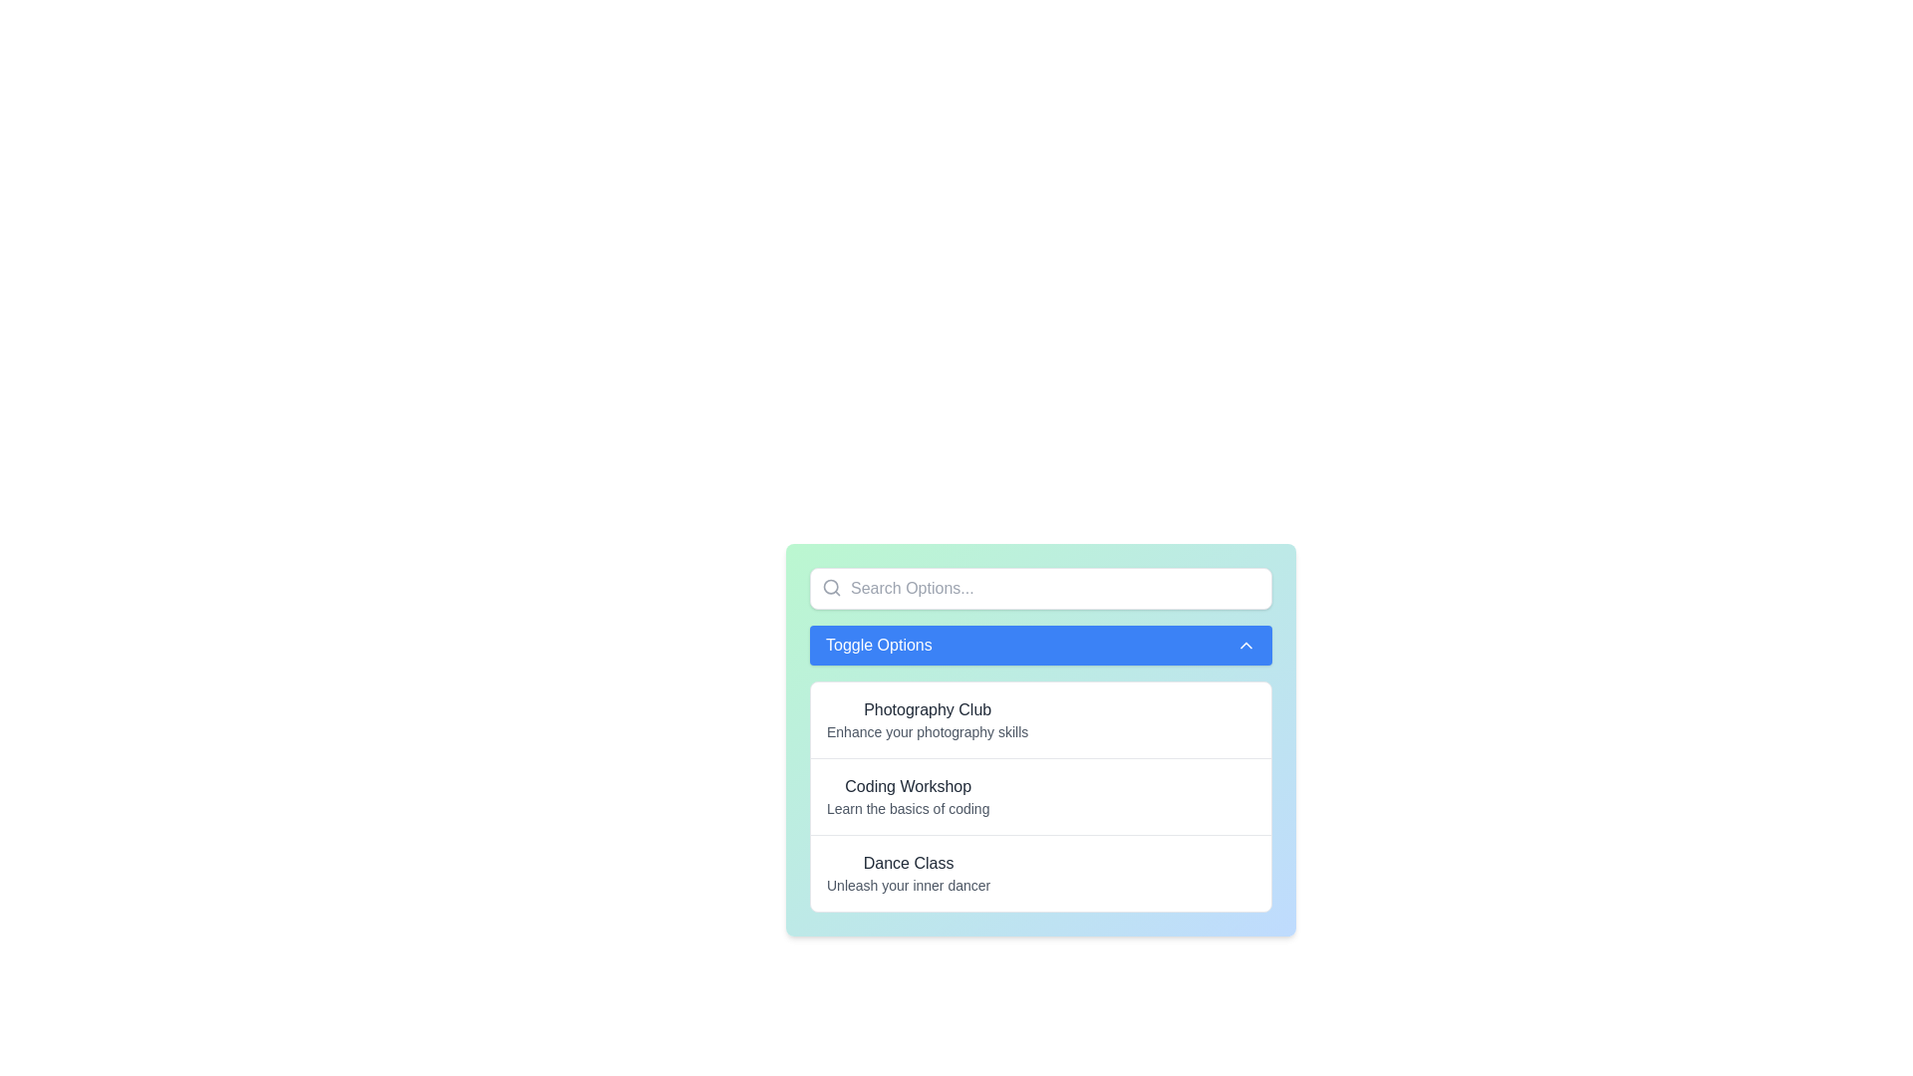 The width and height of the screenshot is (1913, 1076). Describe the element at coordinates (1040, 646) in the screenshot. I see `the toggle button located directly below the search box to change its background color` at that location.